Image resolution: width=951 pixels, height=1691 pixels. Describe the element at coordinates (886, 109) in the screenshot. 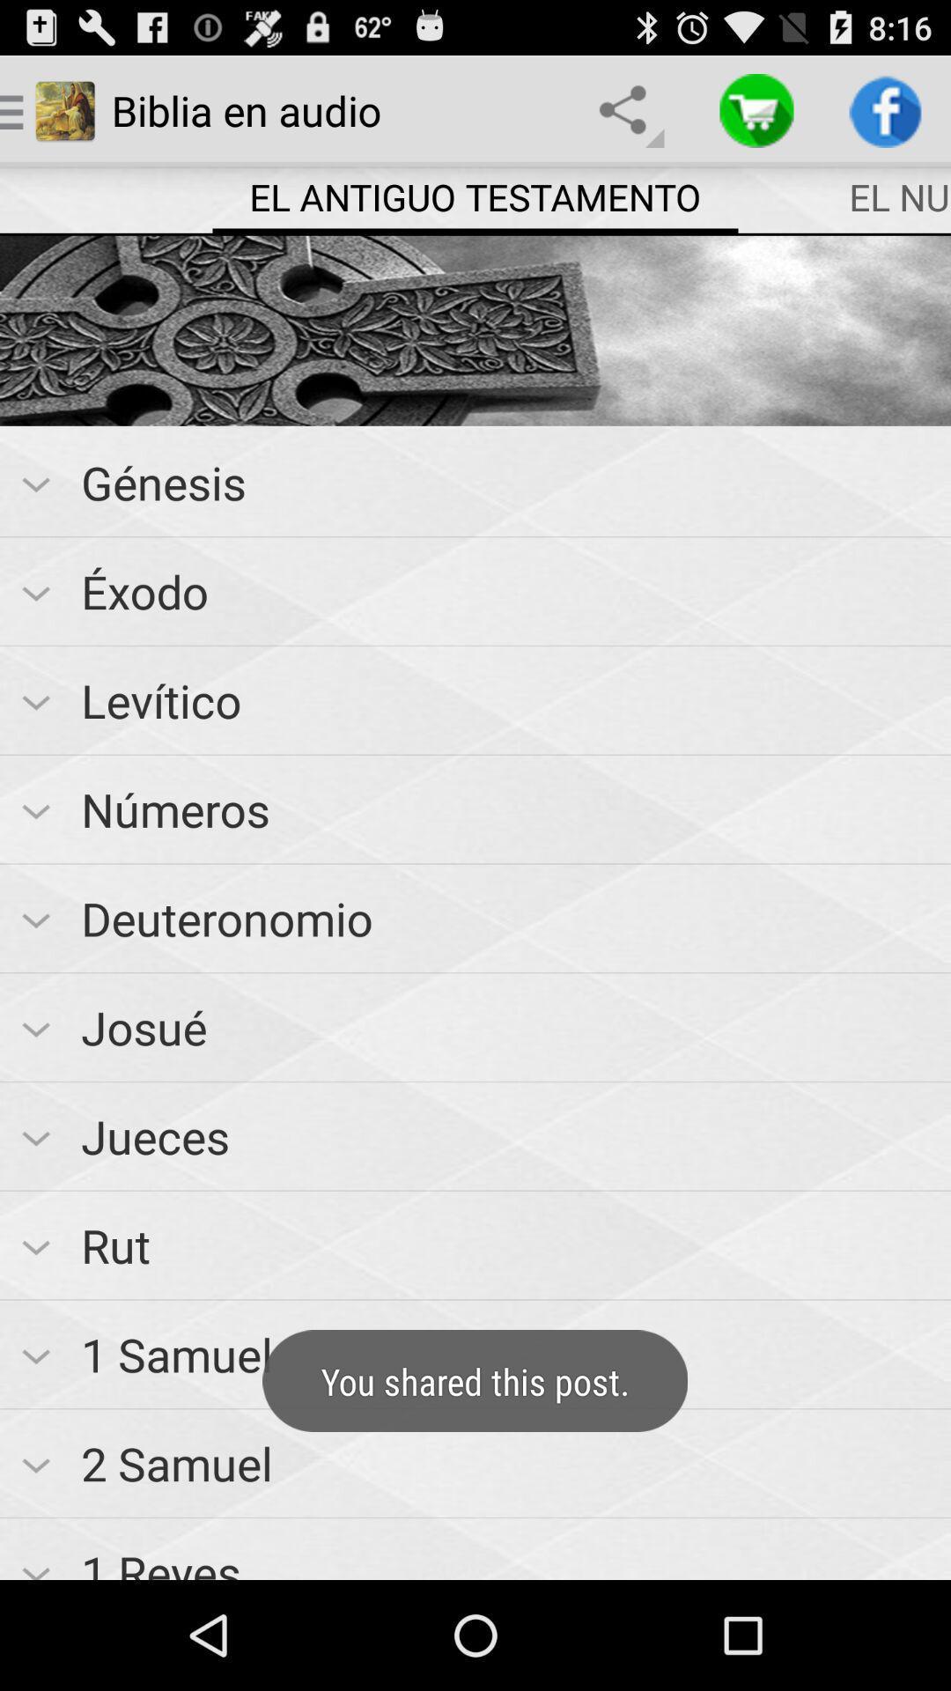

I see `app above the el nuevo testamento item` at that location.